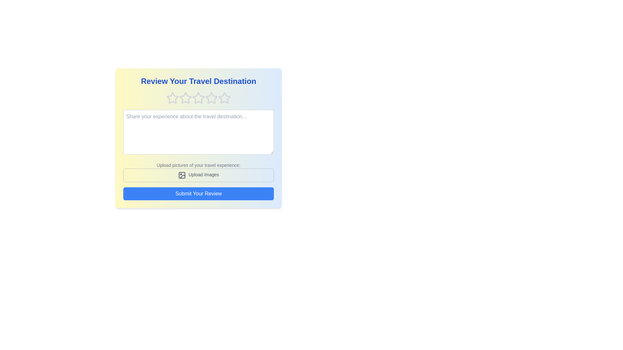  I want to click on the rating to 4 stars by clicking on the corresponding star icon, so click(212, 98).